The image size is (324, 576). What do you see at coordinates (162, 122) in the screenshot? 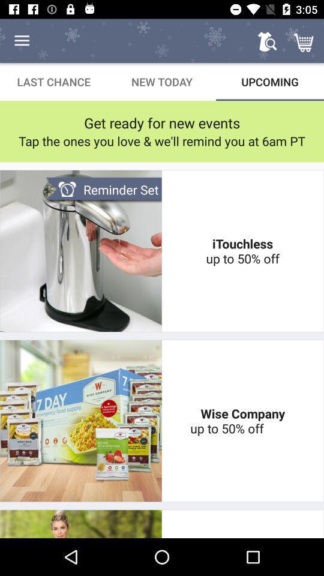
I see `the item above the tap the ones item` at bounding box center [162, 122].